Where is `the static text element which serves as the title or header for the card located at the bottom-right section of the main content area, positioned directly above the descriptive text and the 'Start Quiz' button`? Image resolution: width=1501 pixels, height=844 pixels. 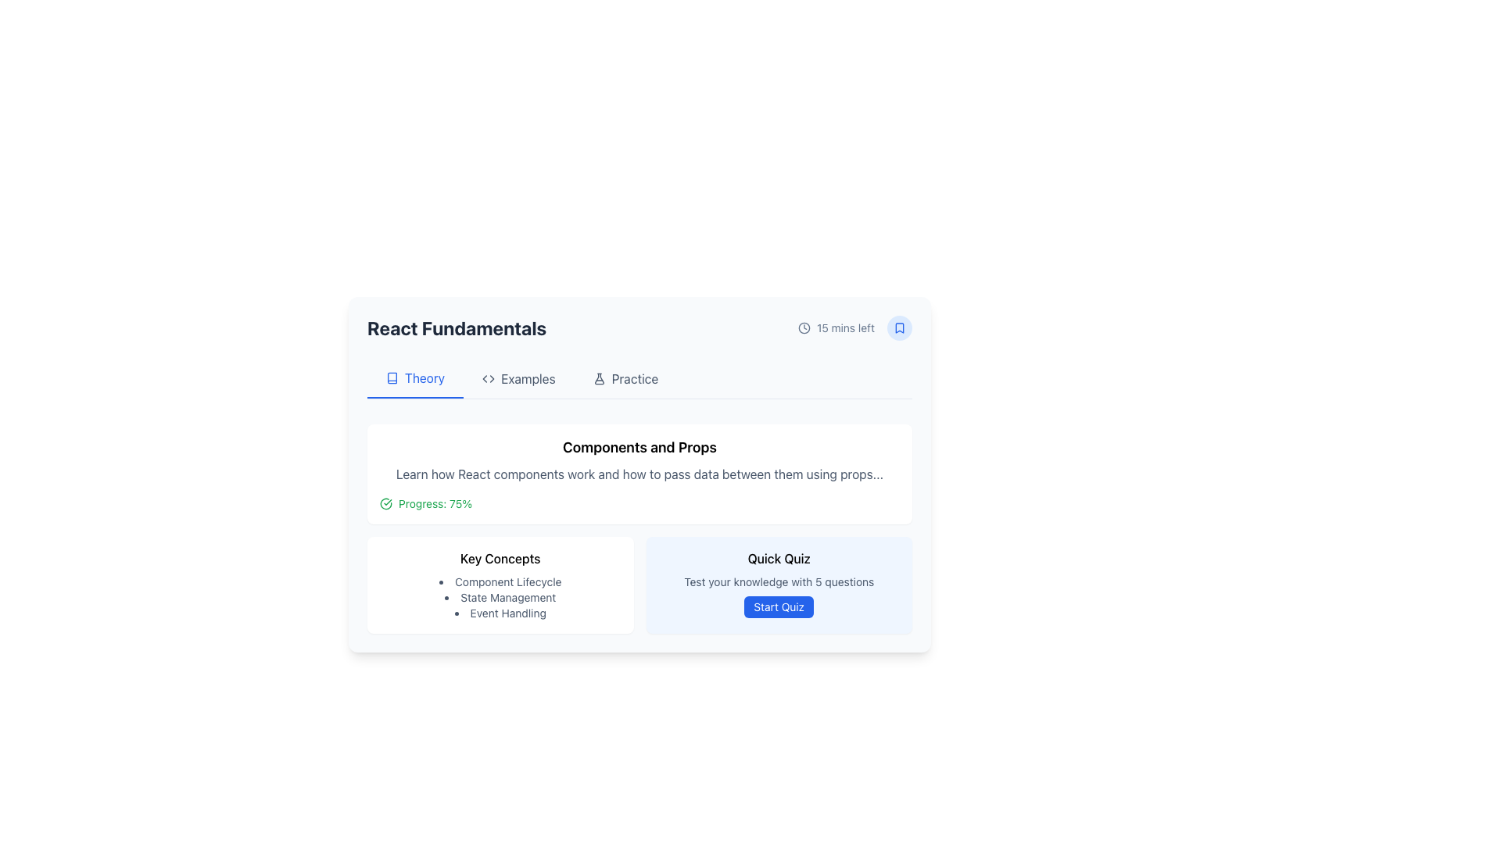
the static text element which serves as the title or header for the card located at the bottom-right section of the main content area, positioned directly above the descriptive text and the 'Start Quiz' button is located at coordinates (779, 557).